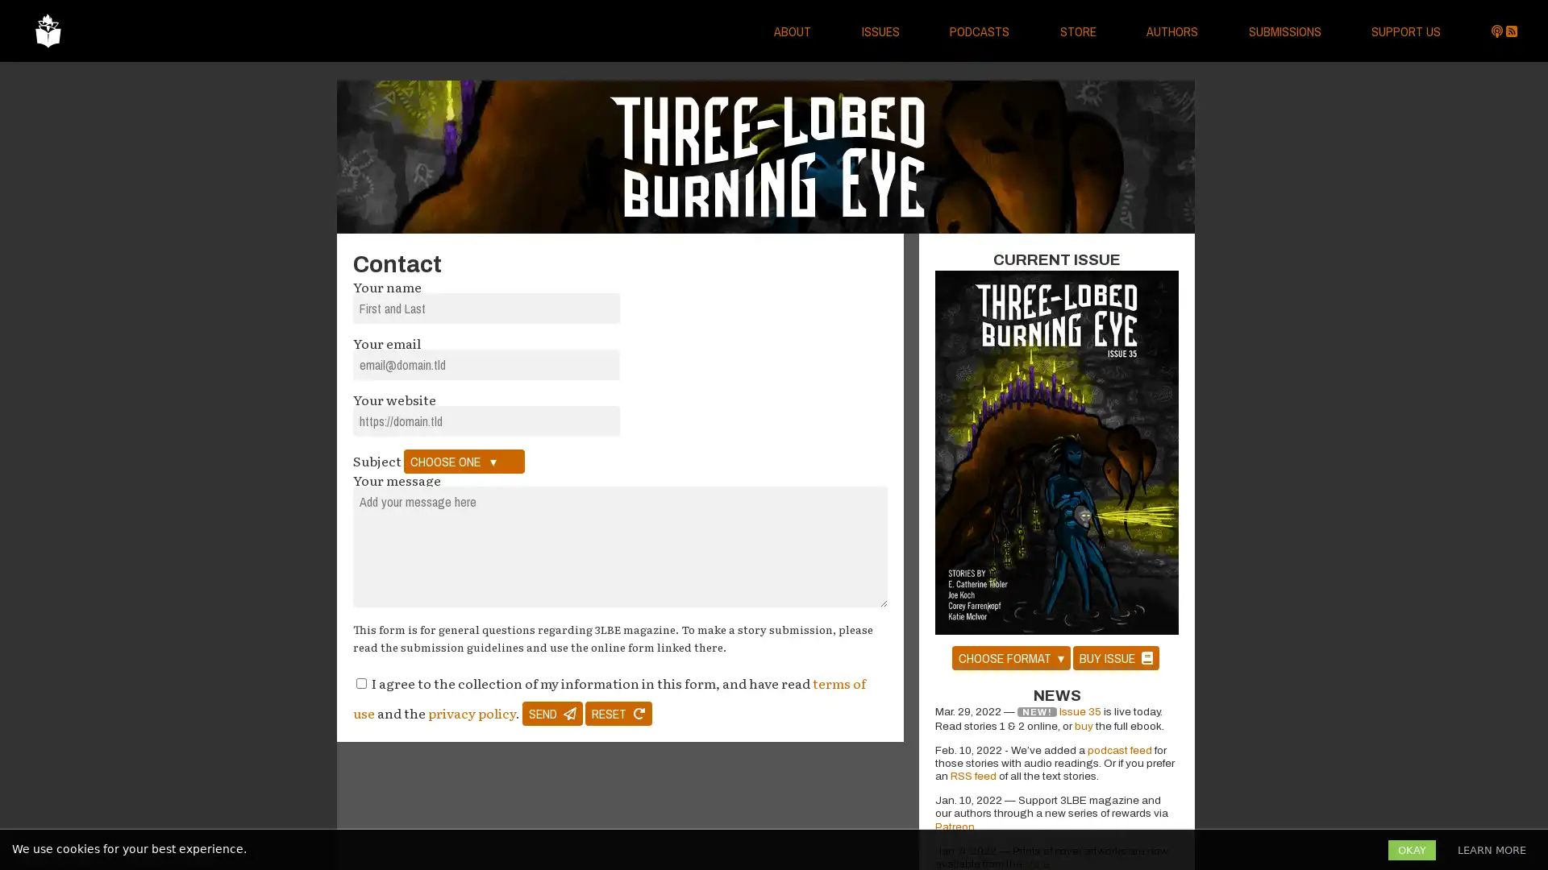 Image resolution: width=1548 pixels, height=870 pixels. What do you see at coordinates (552, 713) in the screenshot?
I see `SEND` at bounding box center [552, 713].